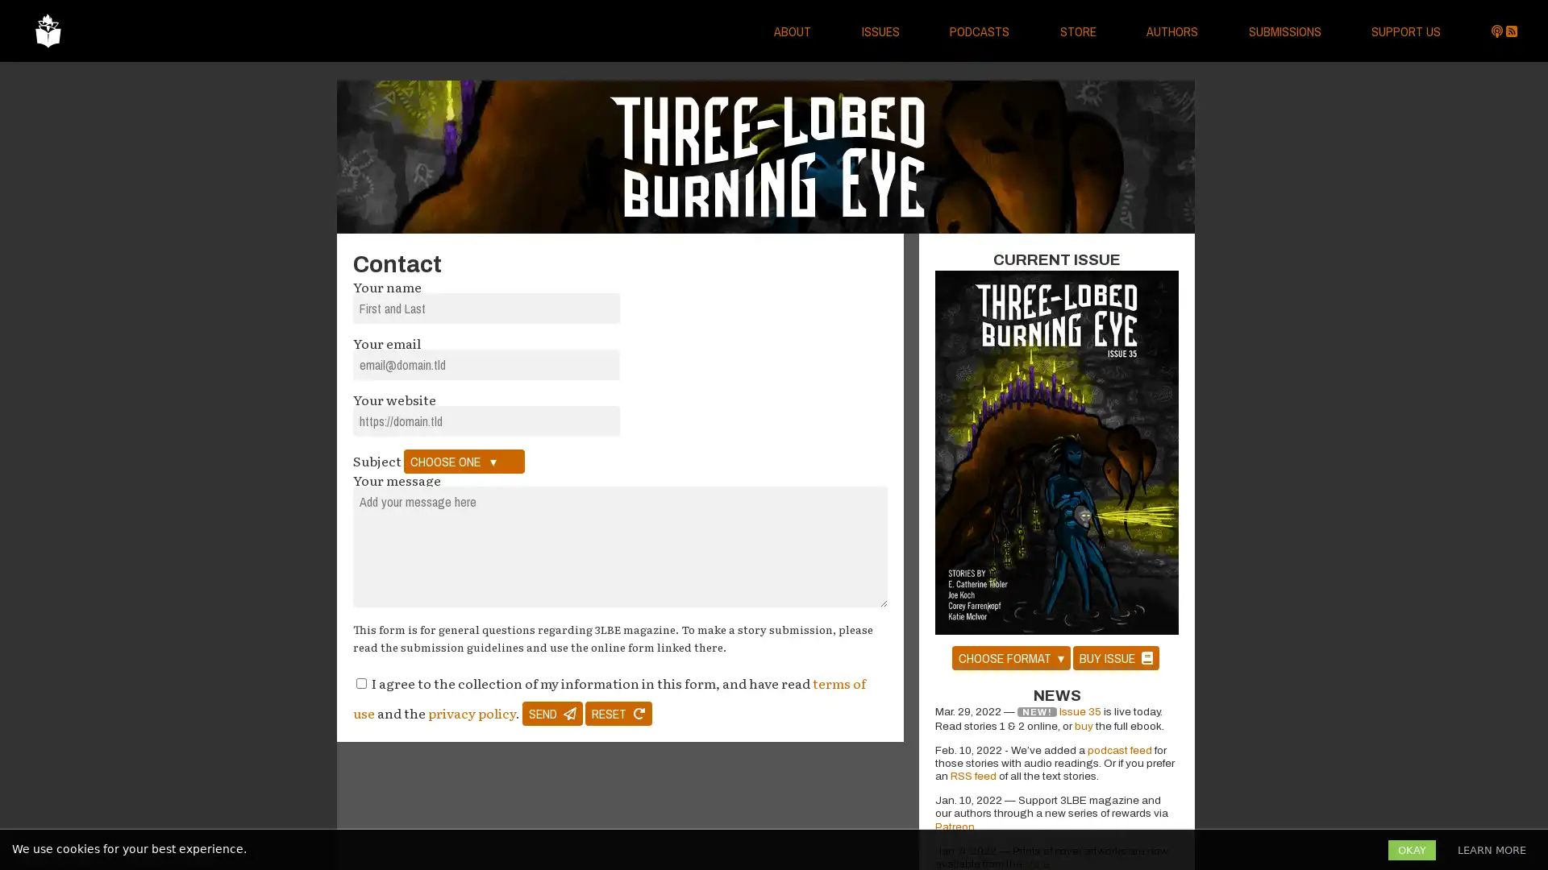 Image resolution: width=1548 pixels, height=870 pixels. What do you see at coordinates (552, 713) in the screenshot?
I see `SEND` at bounding box center [552, 713].